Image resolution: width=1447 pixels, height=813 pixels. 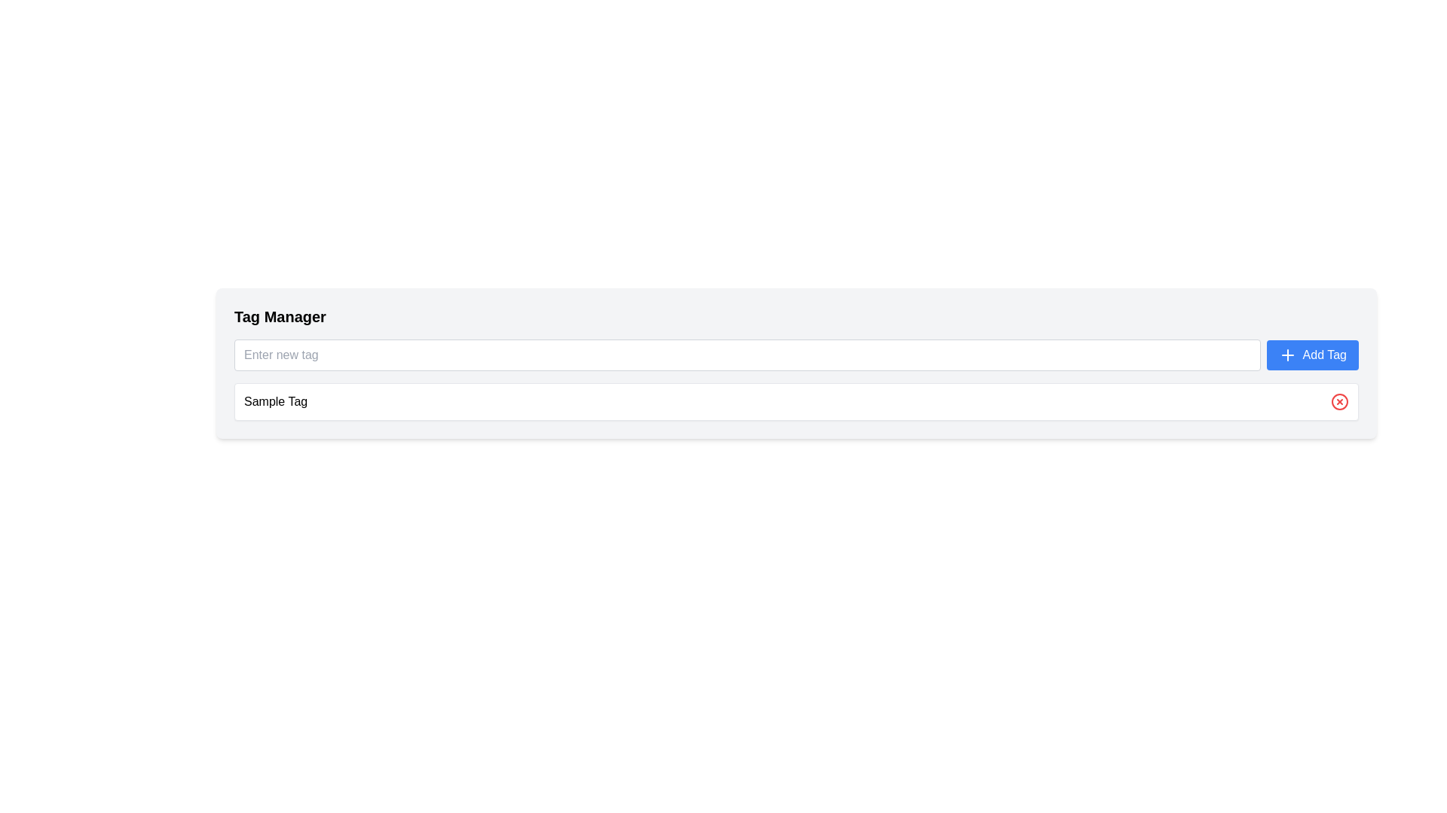 What do you see at coordinates (1311, 355) in the screenshot?
I see `the button on the right side of the horizontal input field in the tag management interface` at bounding box center [1311, 355].